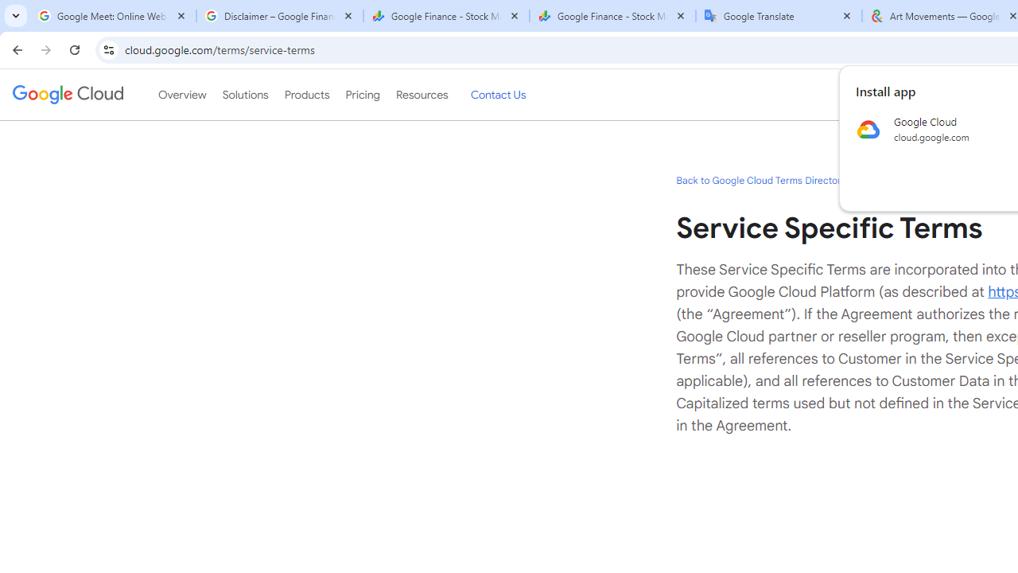 The width and height of the screenshot is (1018, 573). Describe the element at coordinates (361, 95) in the screenshot. I see `'Pricing'` at that location.